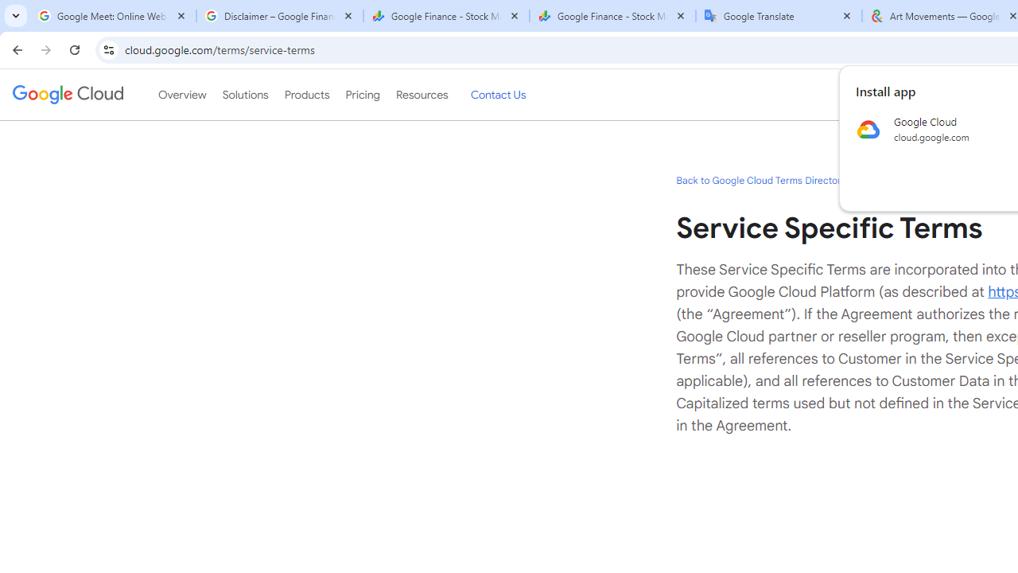 The width and height of the screenshot is (1018, 573). Describe the element at coordinates (361, 95) in the screenshot. I see `'Pricing'` at that location.